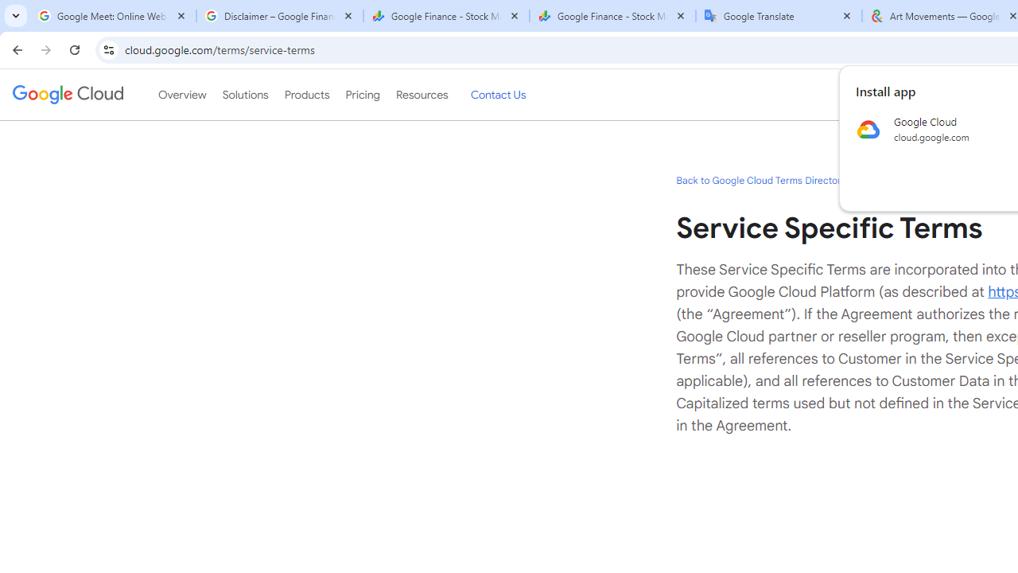 The width and height of the screenshot is (1018, 573). Describe the element at coordinates (361, 95) in the screenshot. I see `'Pricing'` at that location.